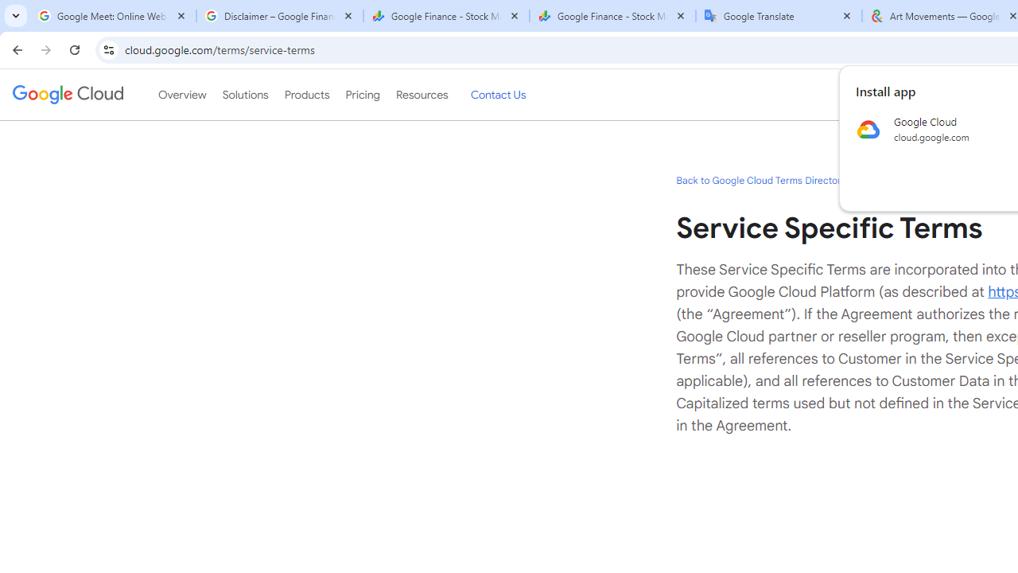 The width and height of the screenshot is (1018, 573). Describe the element at coordinates (361, 95) in the screenshot. I see `'Pricing'` at that location.